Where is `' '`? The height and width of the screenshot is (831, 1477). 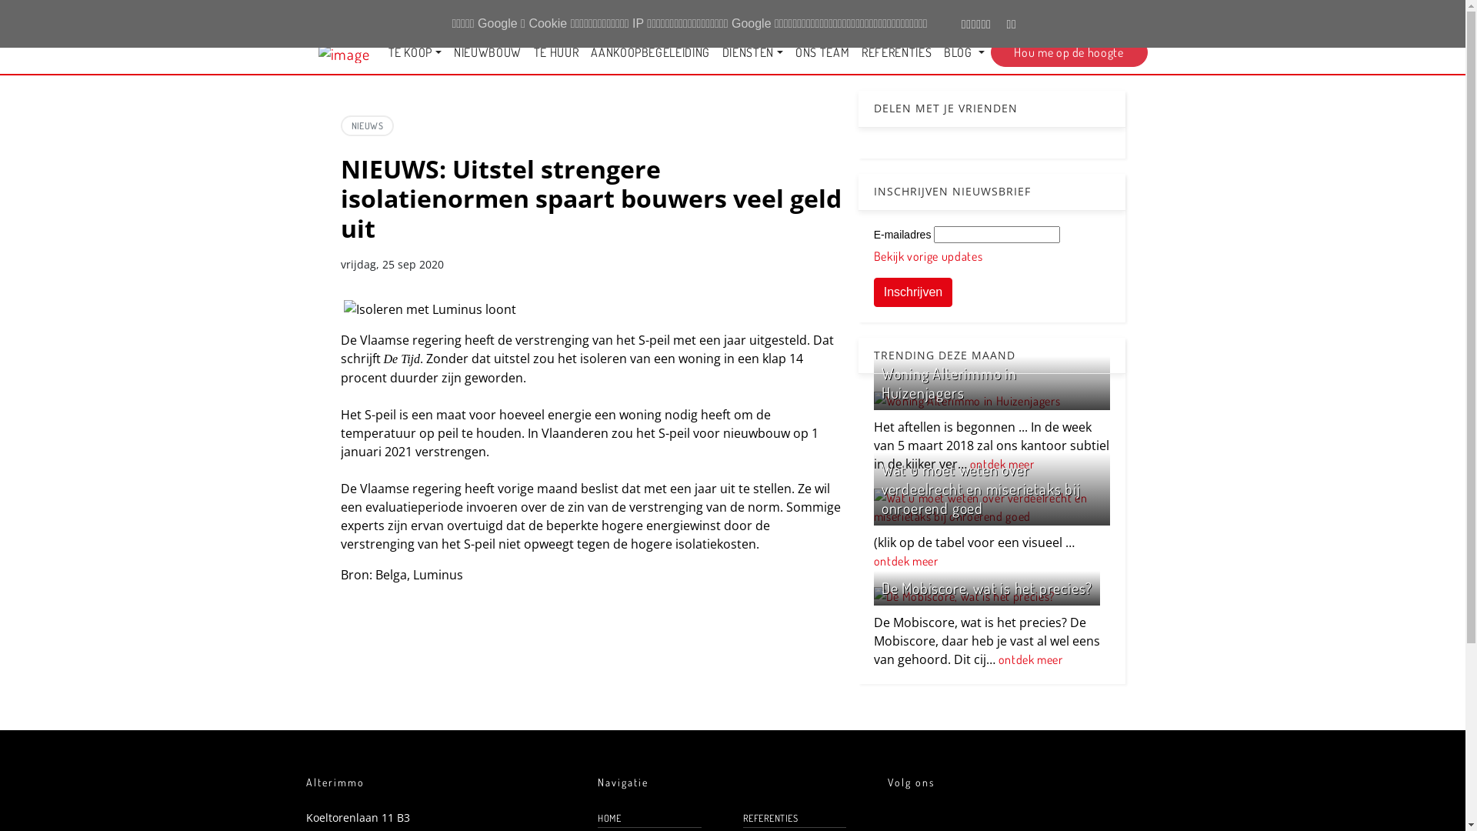
' ' is located at coordinates (1145, 15).